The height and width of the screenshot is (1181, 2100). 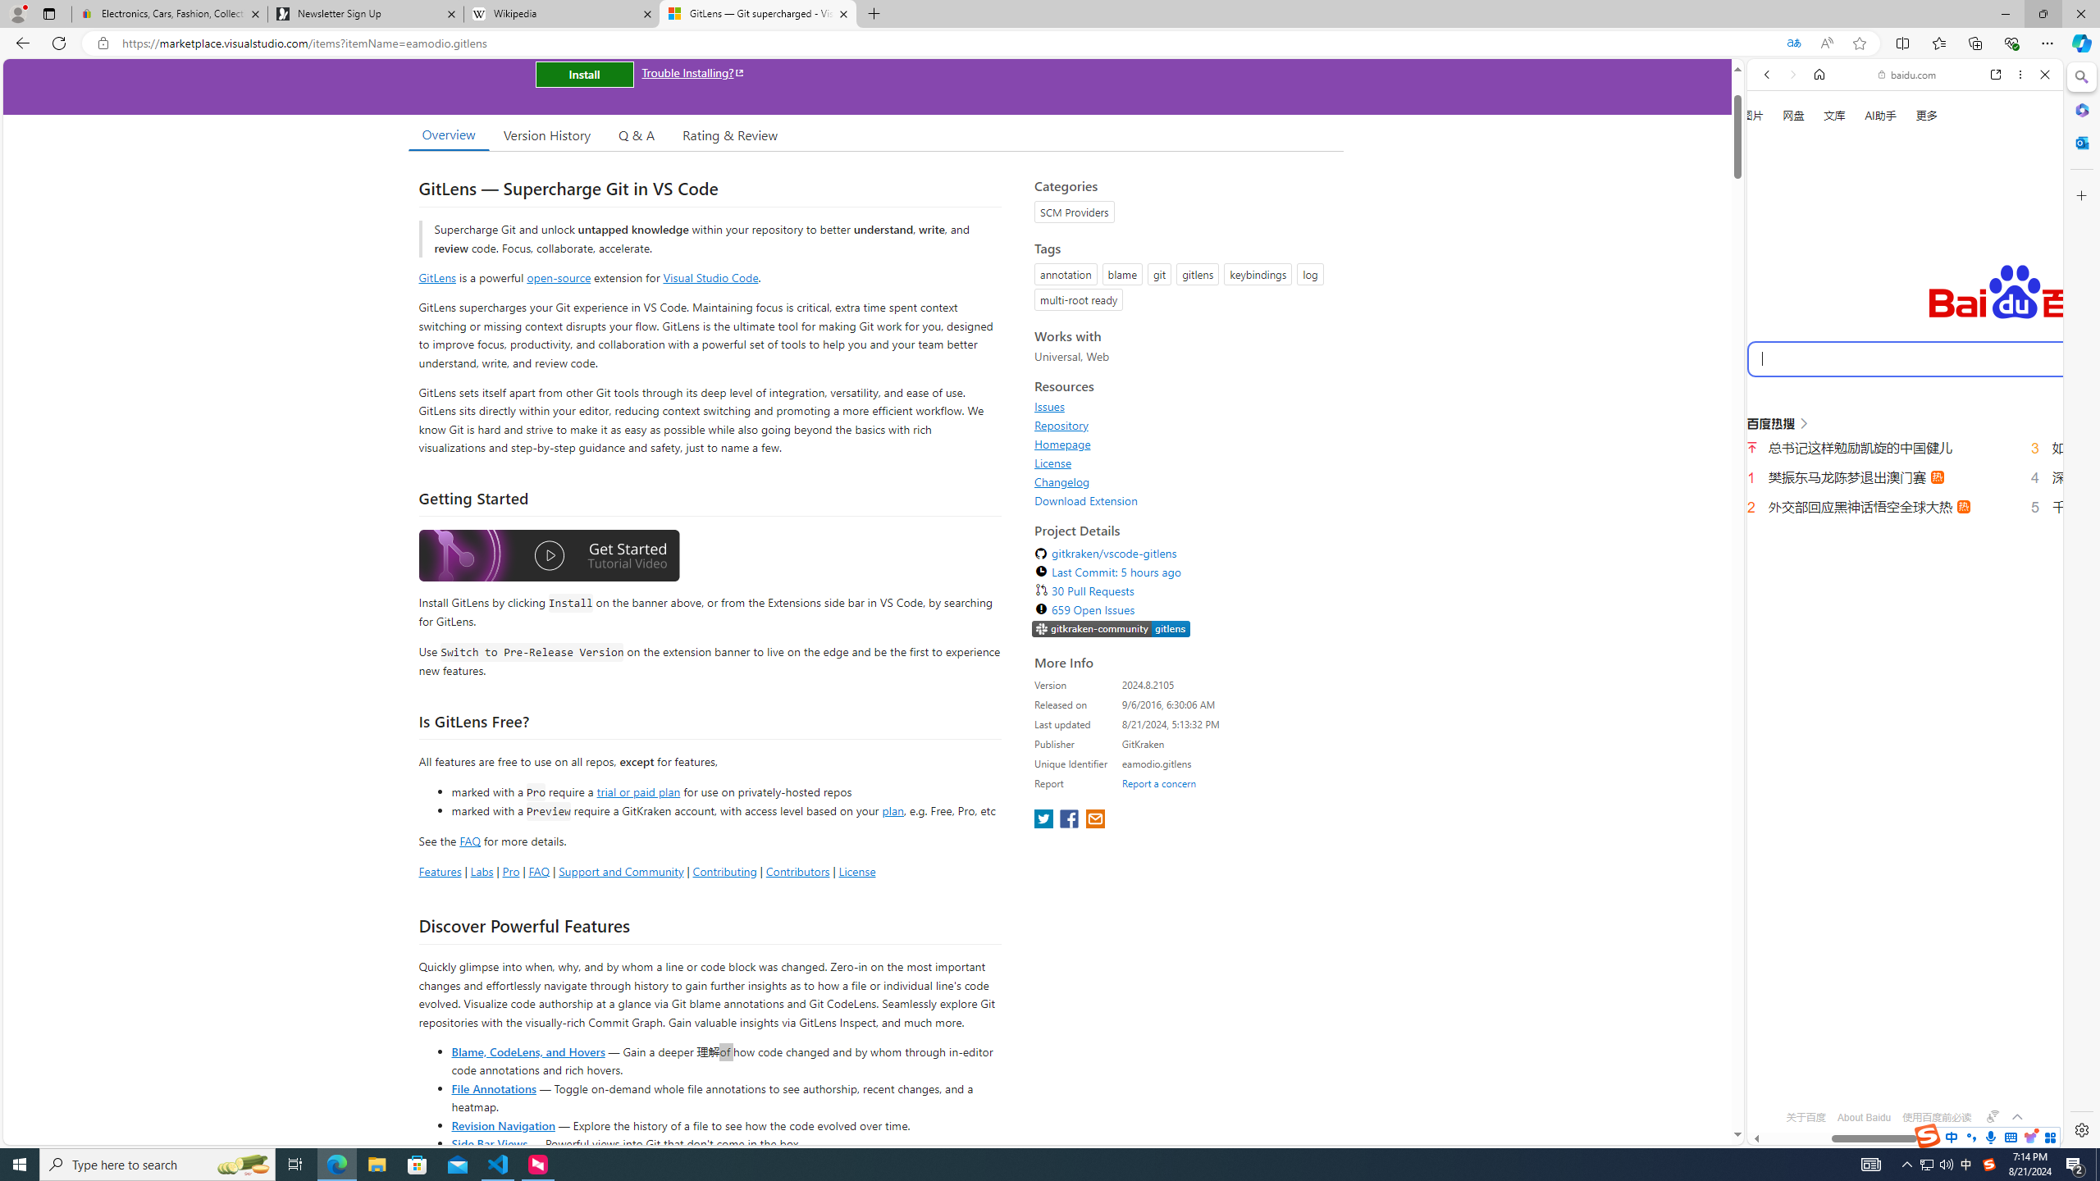 I want to click on 'AutomationID: kw', so click(x=1973, y=358).